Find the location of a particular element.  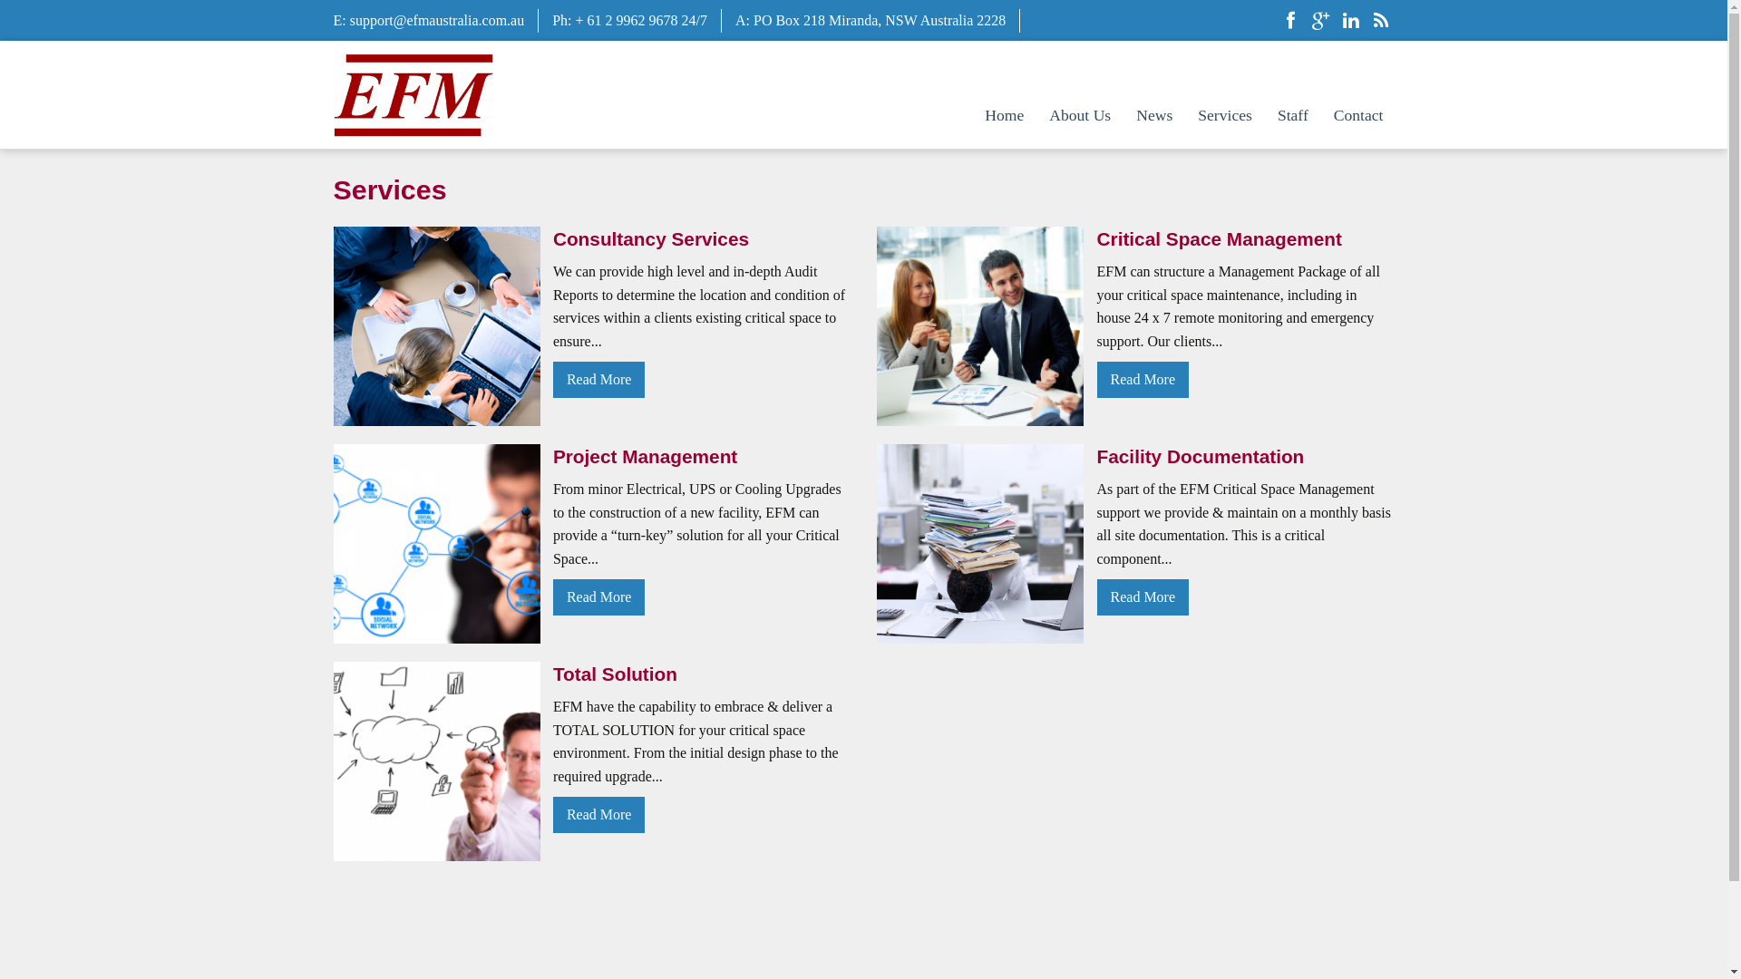

'Staff' is located at coordinates (1291, 115).